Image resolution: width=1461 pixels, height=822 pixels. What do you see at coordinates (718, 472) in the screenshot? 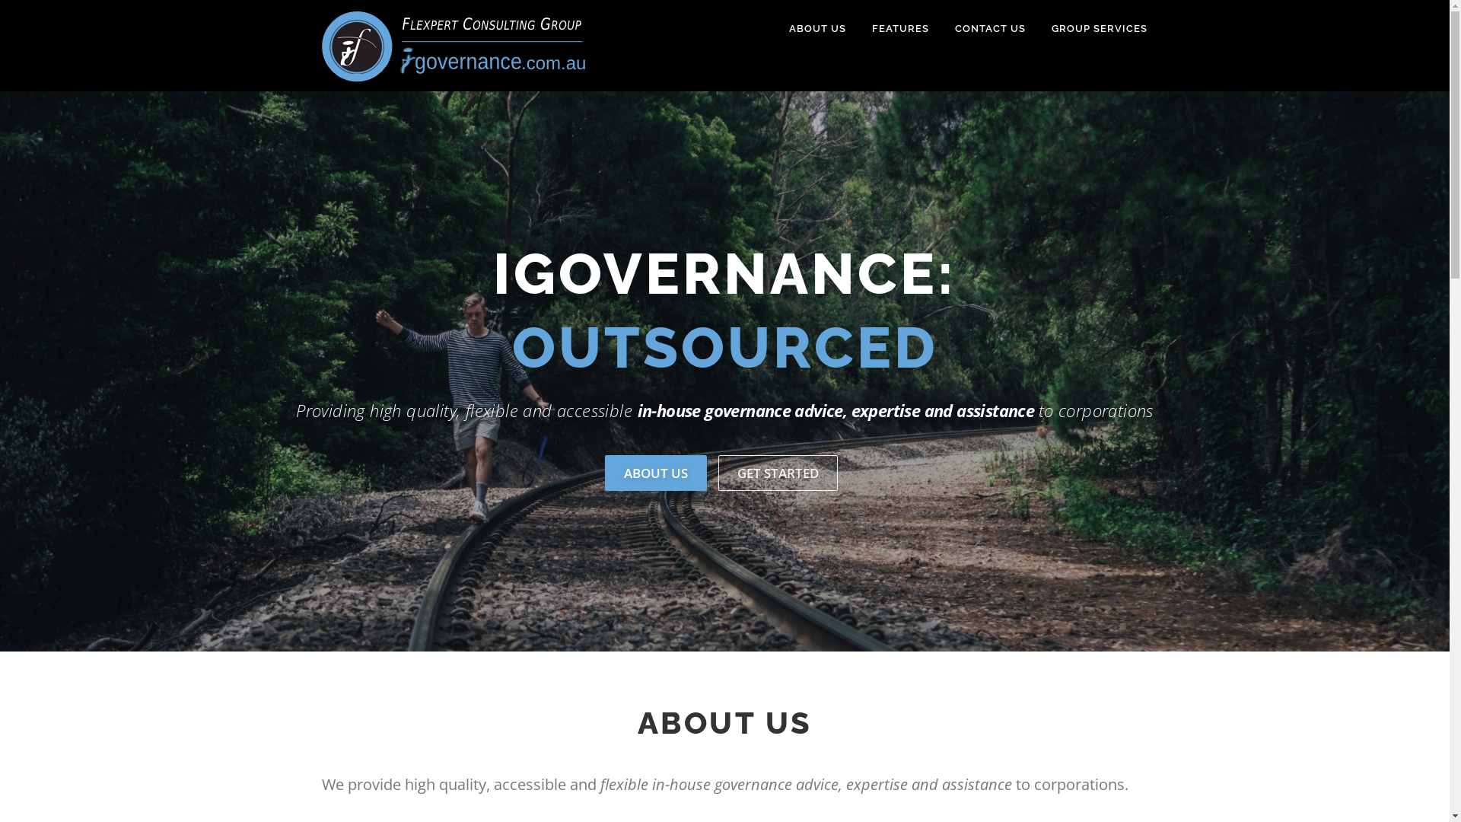
I see `'GET STARTED'` at bounding box center [718, 472].